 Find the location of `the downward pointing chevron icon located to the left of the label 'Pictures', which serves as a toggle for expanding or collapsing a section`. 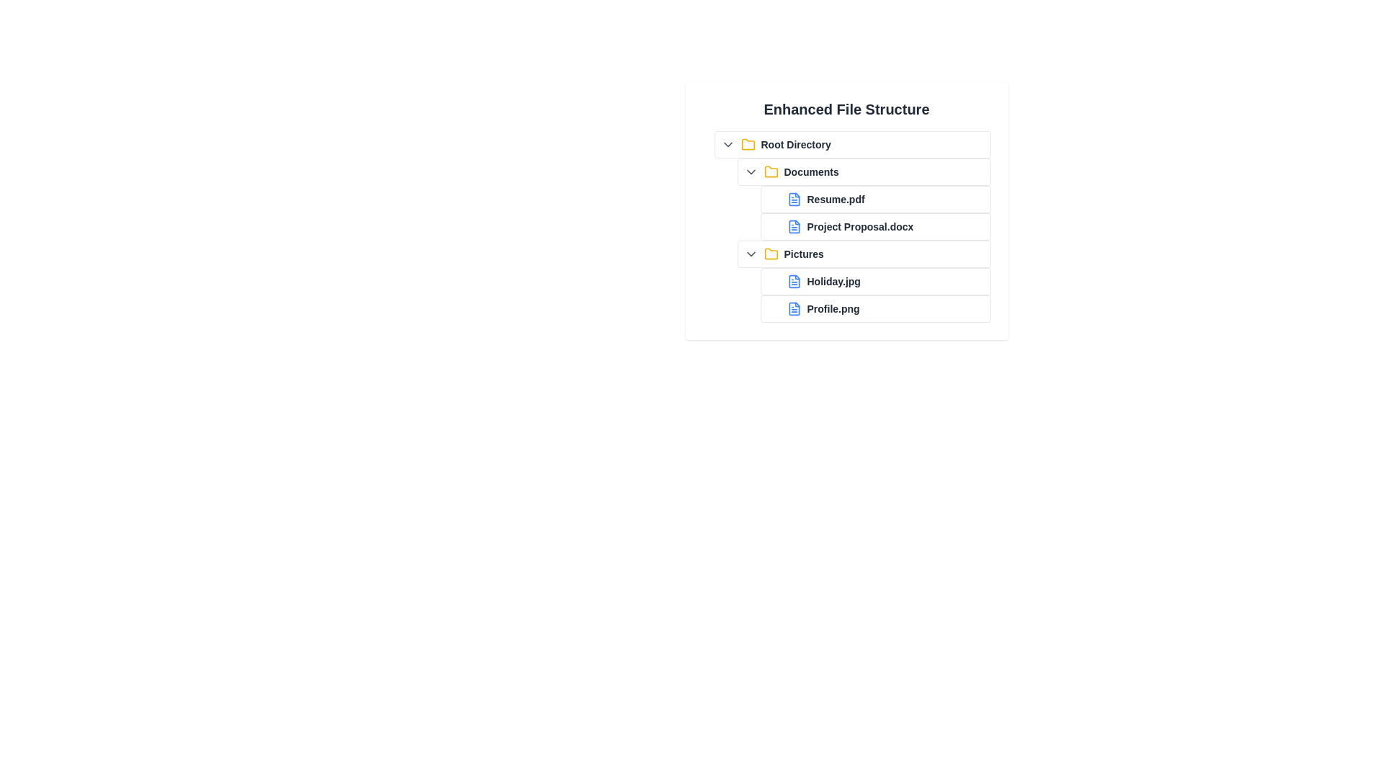

the downward pointing chevron icon located to the left of the label 'Pictures', which serves as a toggle for expanding or collapsing a section is located at coordinates (750, 254).